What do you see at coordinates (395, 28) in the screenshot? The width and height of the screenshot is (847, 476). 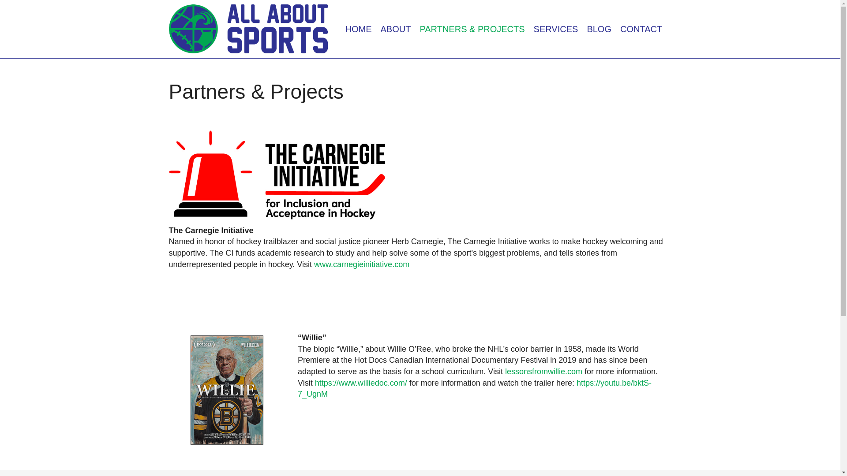 I see `'ABOUT'` at bounding box center [395, 28].